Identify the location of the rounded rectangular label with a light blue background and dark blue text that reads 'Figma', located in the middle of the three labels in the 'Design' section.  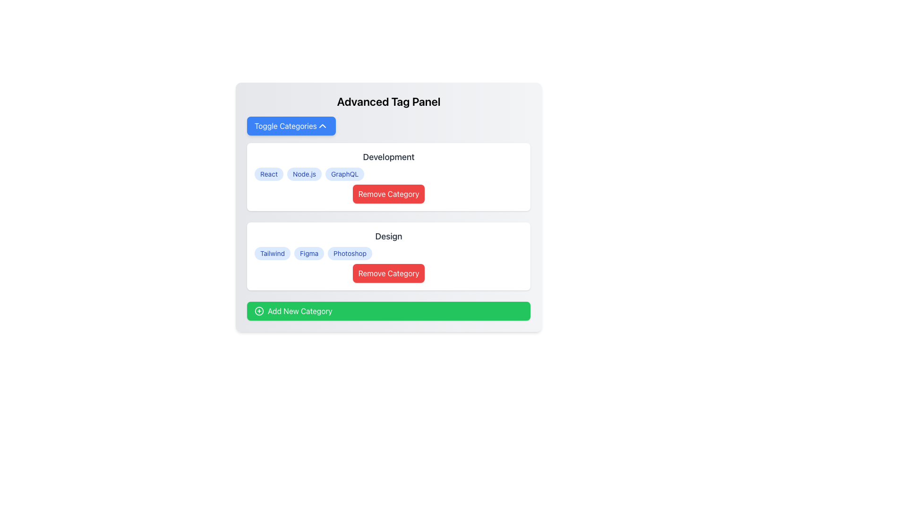
(309, 253).